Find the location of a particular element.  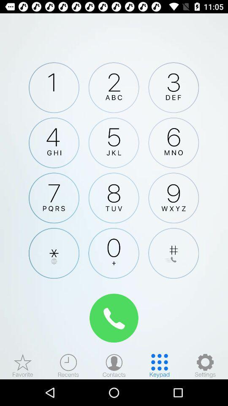

number 6 is located at coordinates (173, 143).